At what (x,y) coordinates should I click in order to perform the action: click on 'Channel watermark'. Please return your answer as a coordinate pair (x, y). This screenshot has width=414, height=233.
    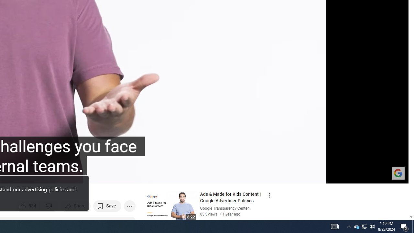
    Looking at the image, I should click on (398, 172).